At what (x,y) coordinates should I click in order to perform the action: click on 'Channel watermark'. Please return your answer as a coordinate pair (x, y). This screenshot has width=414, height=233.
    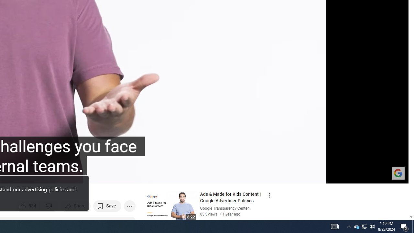
    Looking at the image, I should click on (398, 172).